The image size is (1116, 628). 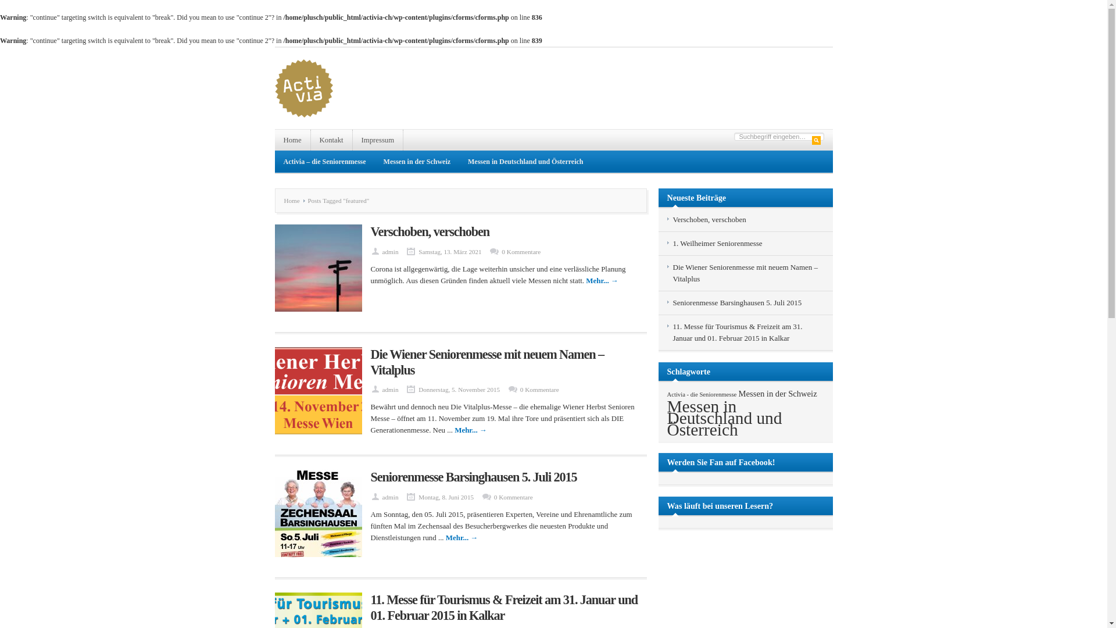 What do you see at coordinates (378, 139) in the screenshot?
I see `'Impressum'` at bounding box center [378, 139].